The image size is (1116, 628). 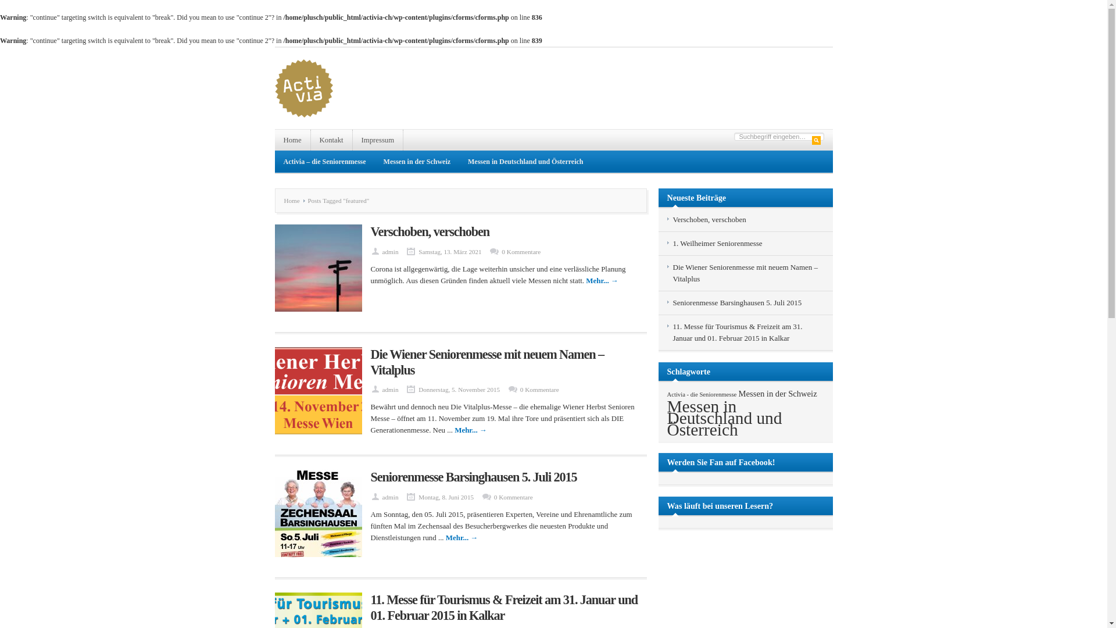 What do you see at coordinates (378, 139) in the screenshot?
I see `'Impressum'` at bounding box center [378, 139].